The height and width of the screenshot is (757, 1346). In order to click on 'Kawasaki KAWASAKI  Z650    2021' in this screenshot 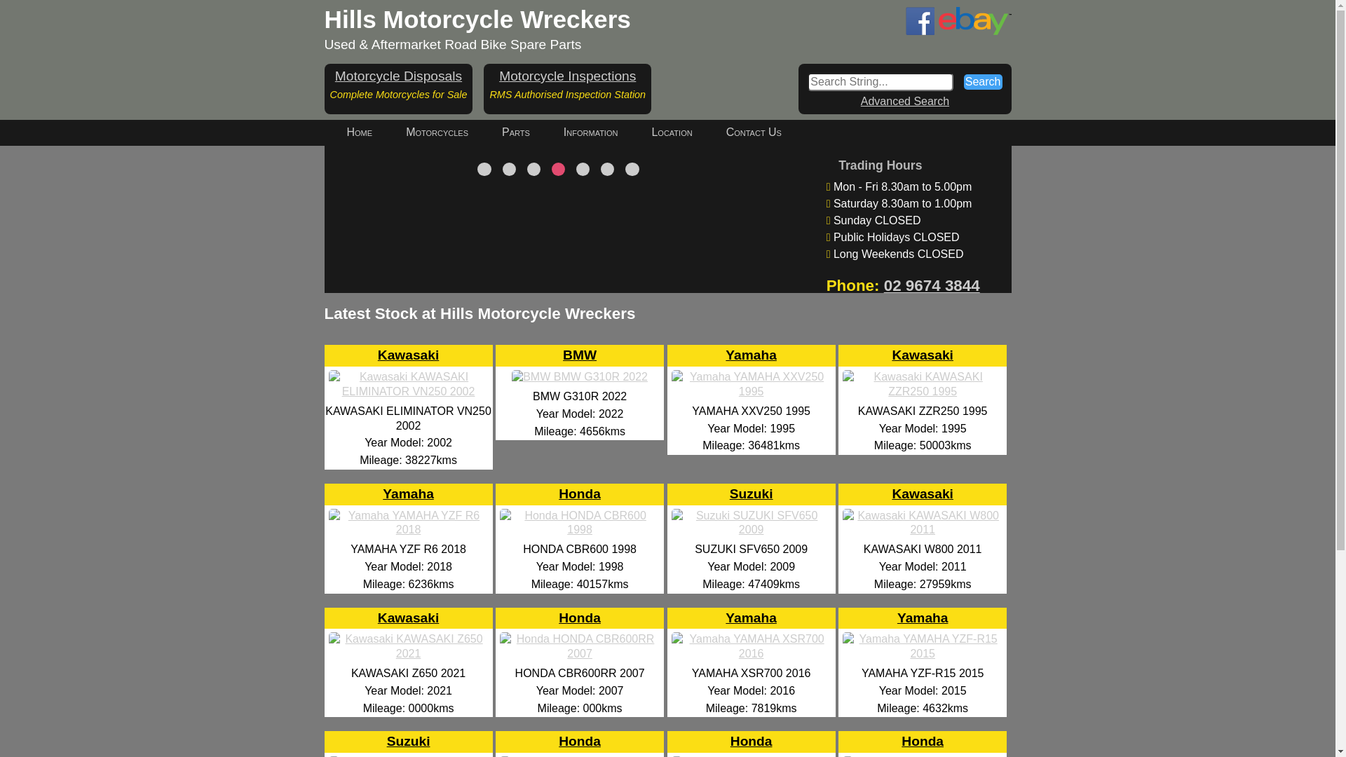, I will do `click(407, 653)`.